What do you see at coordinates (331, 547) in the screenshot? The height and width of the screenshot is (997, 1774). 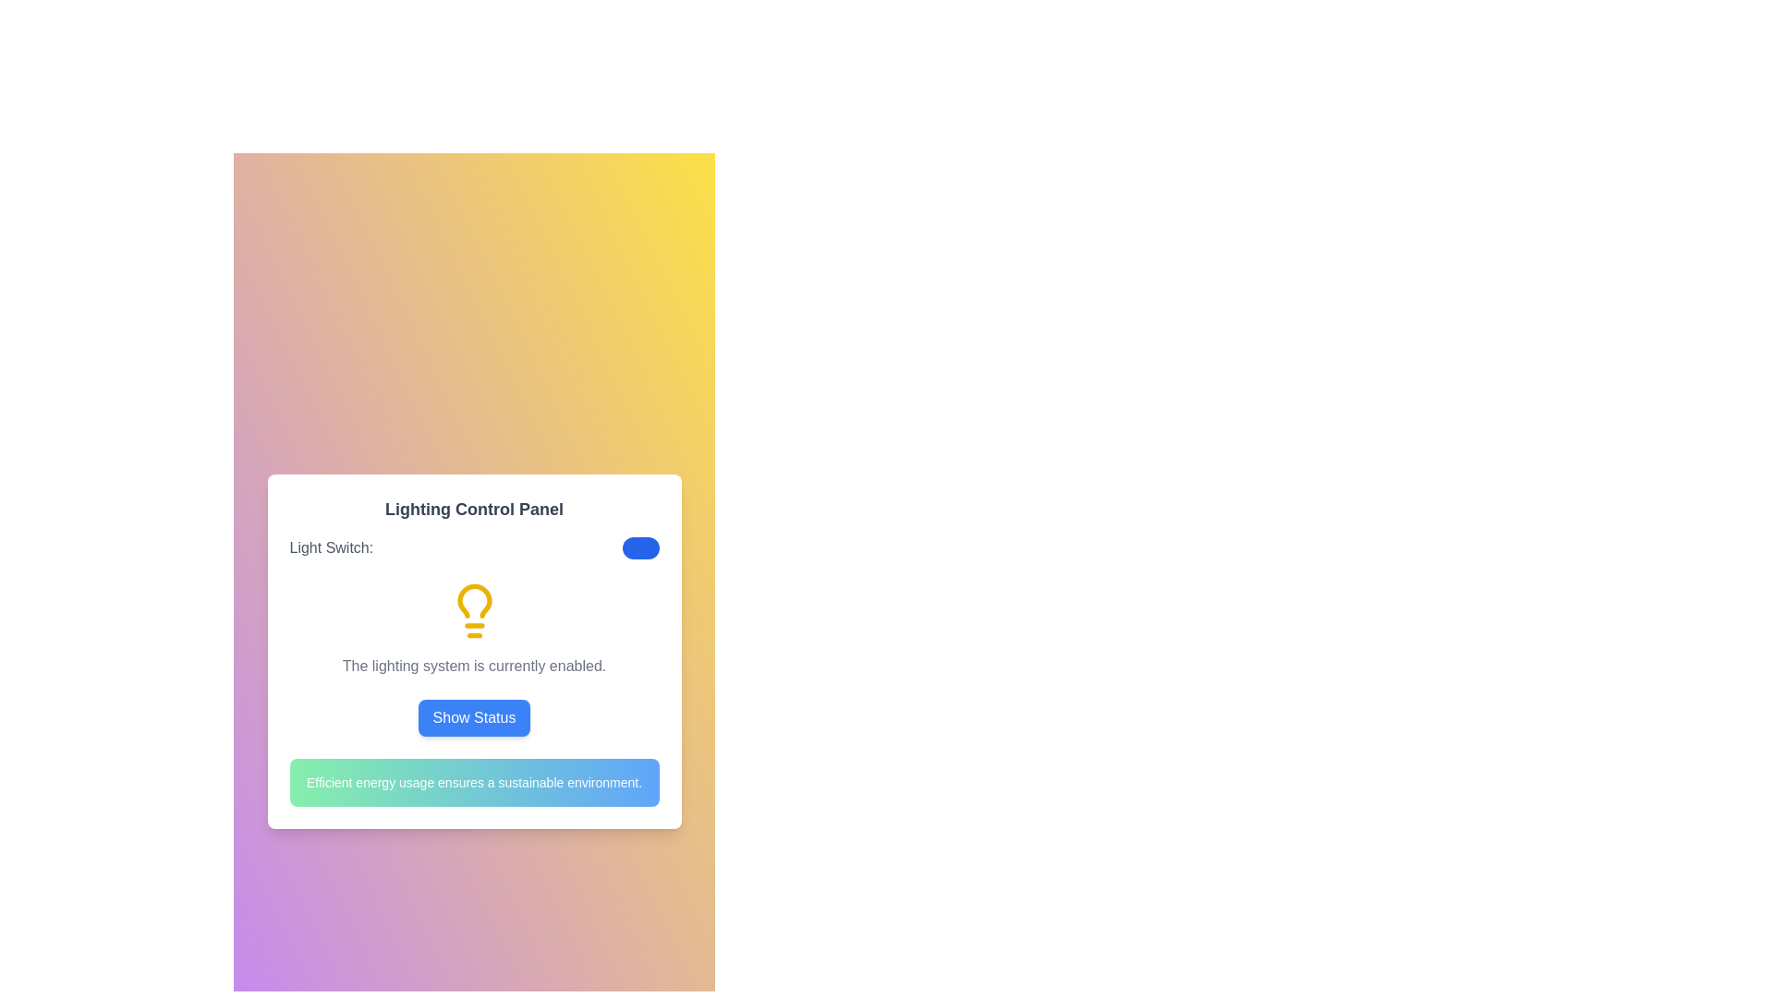 I see `text label displaying 'Light Switch:' which is a gray font aligned to the left in a minimalist interface design` at bounding box center [331, 547].